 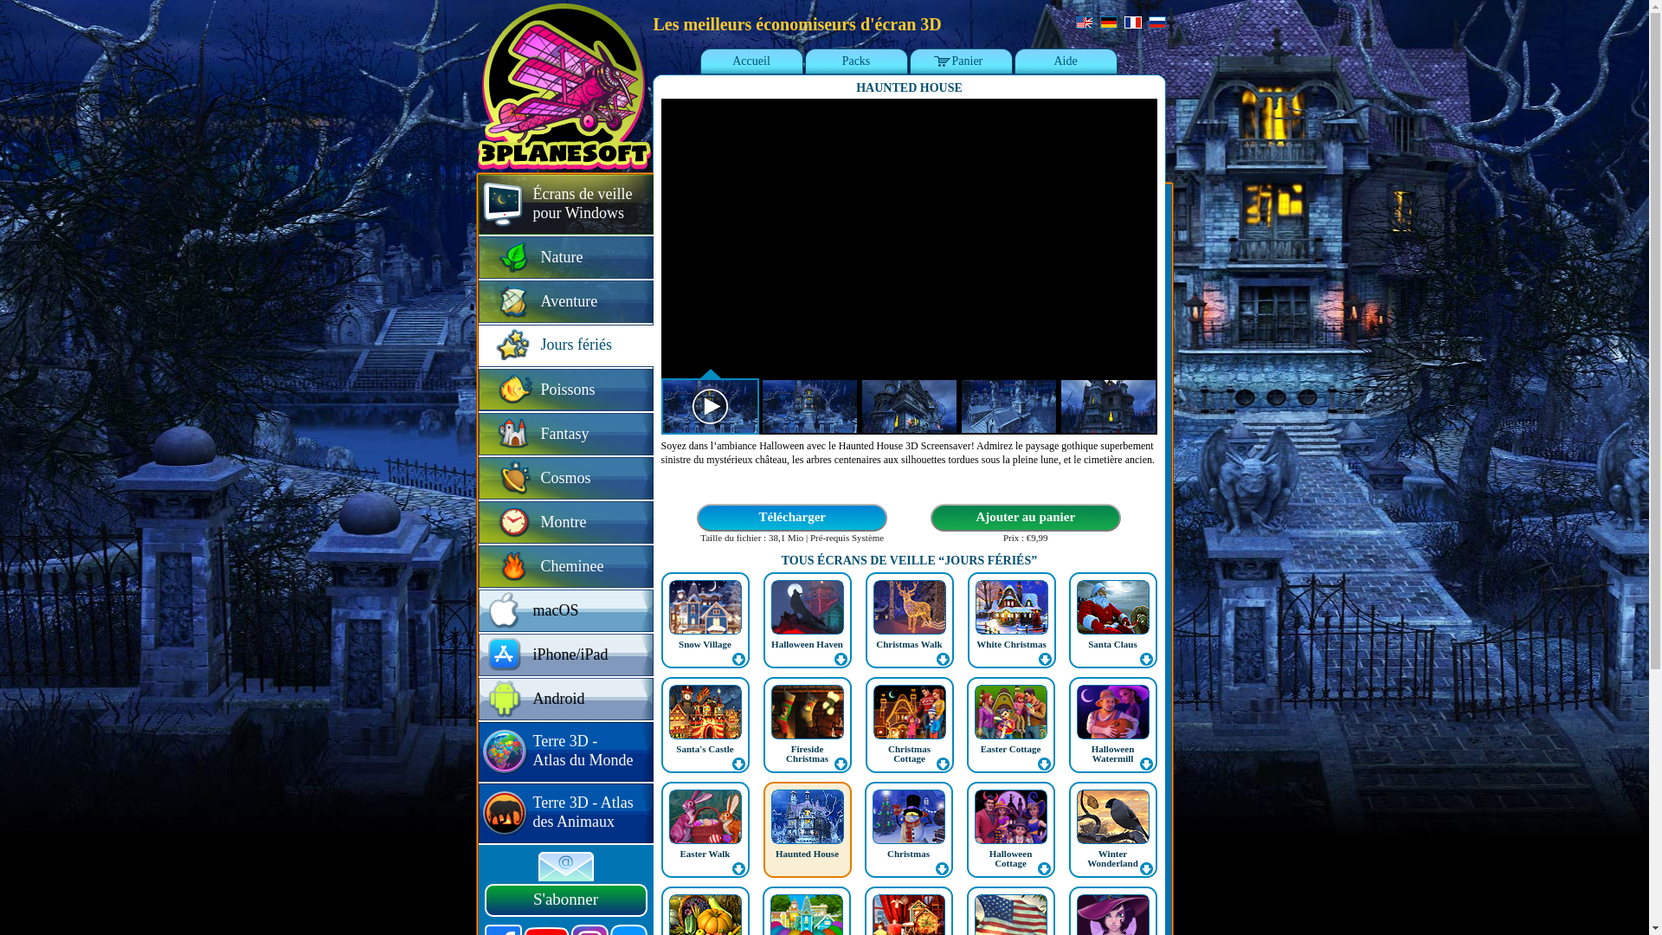 I want to click on 'Santa's Castle', so click(x=705, y=725).